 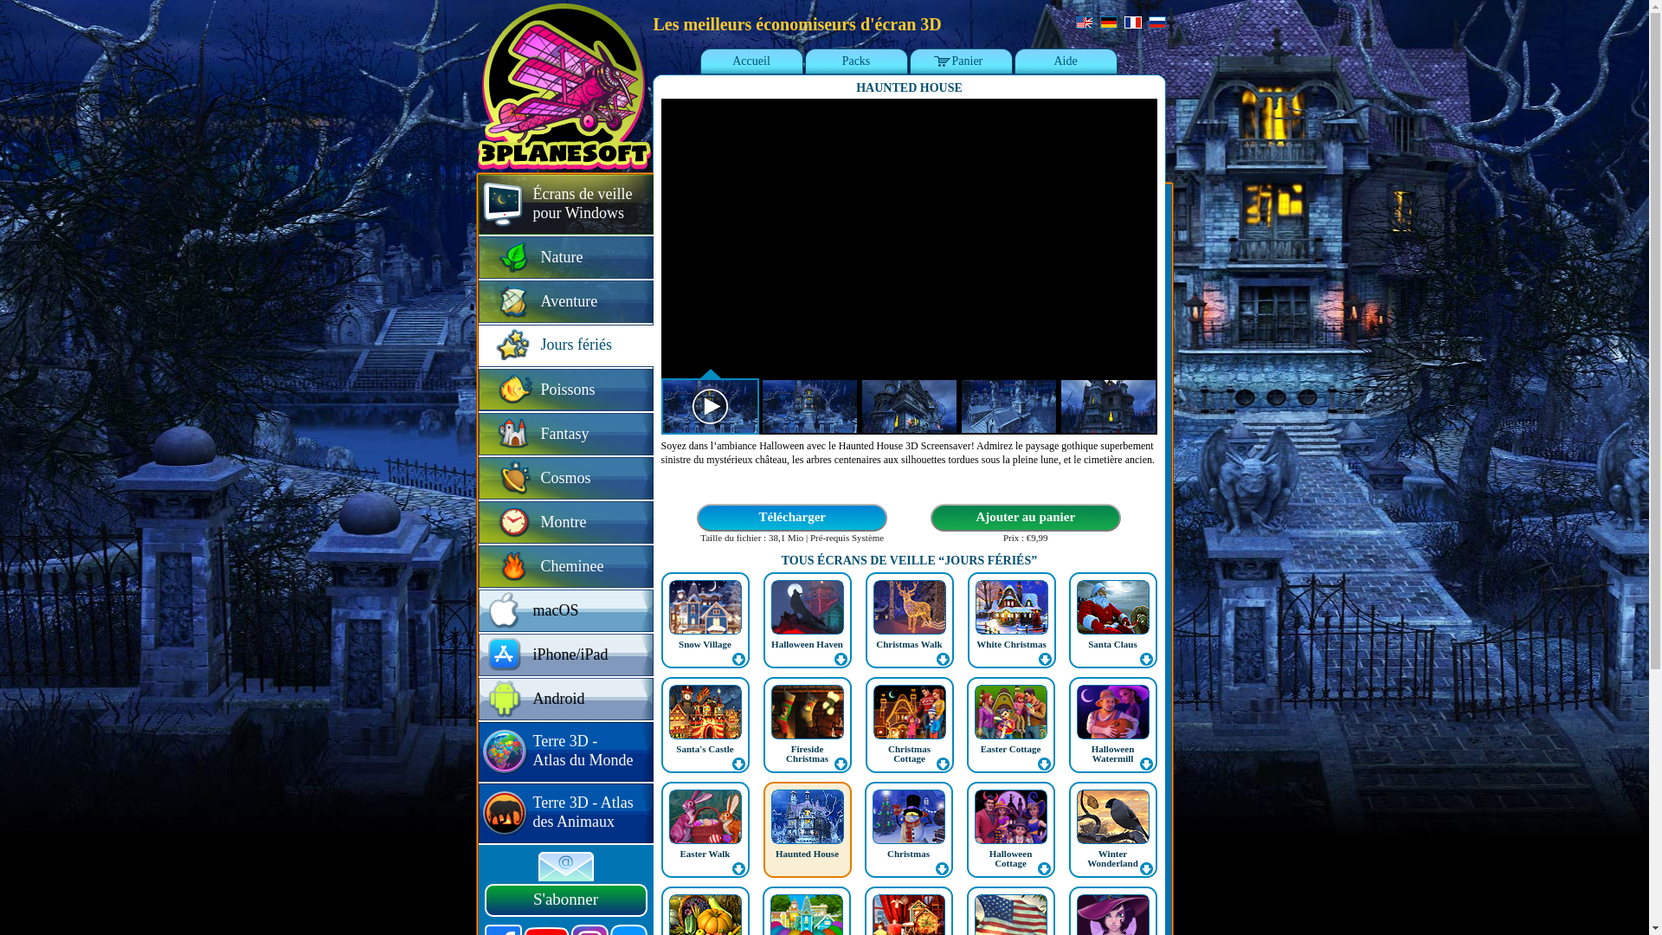 I want to click on 'Santa's Castle', so click(x=705, y=725).